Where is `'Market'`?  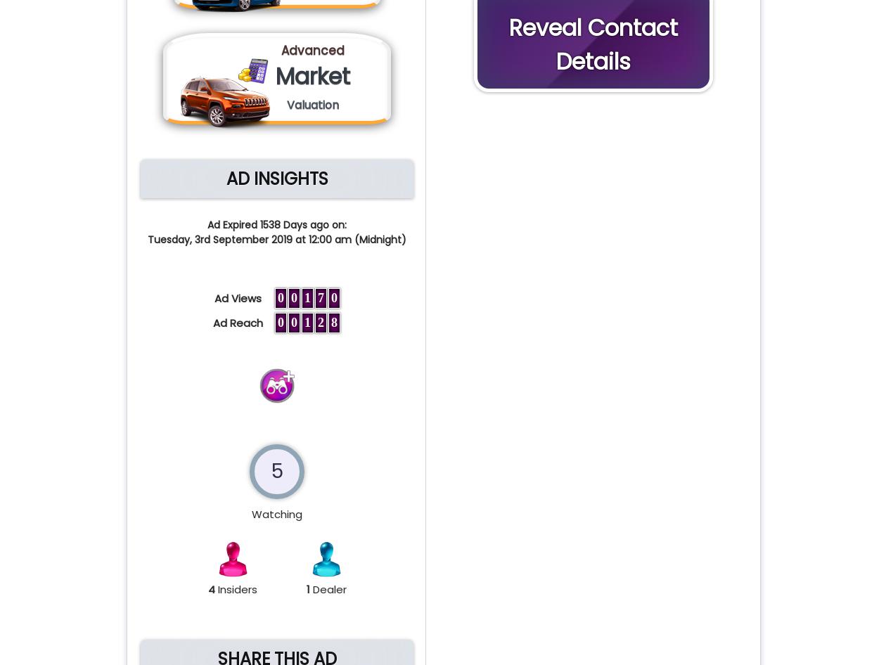 'Market' is located at coordinates (313, 75).